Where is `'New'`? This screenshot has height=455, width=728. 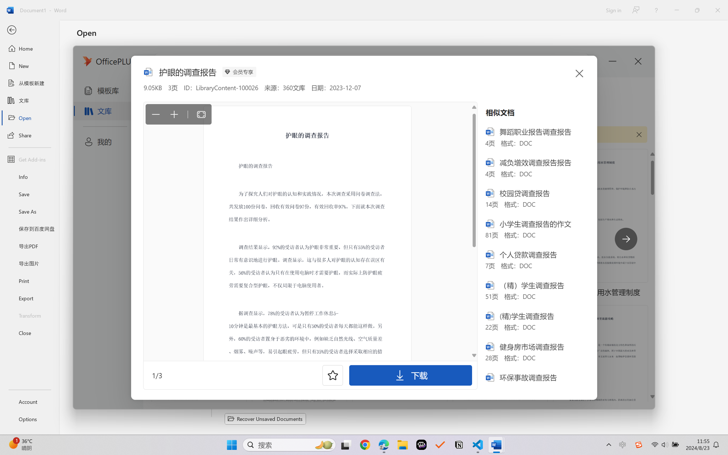
'New' is located at coordinates (29, 65).